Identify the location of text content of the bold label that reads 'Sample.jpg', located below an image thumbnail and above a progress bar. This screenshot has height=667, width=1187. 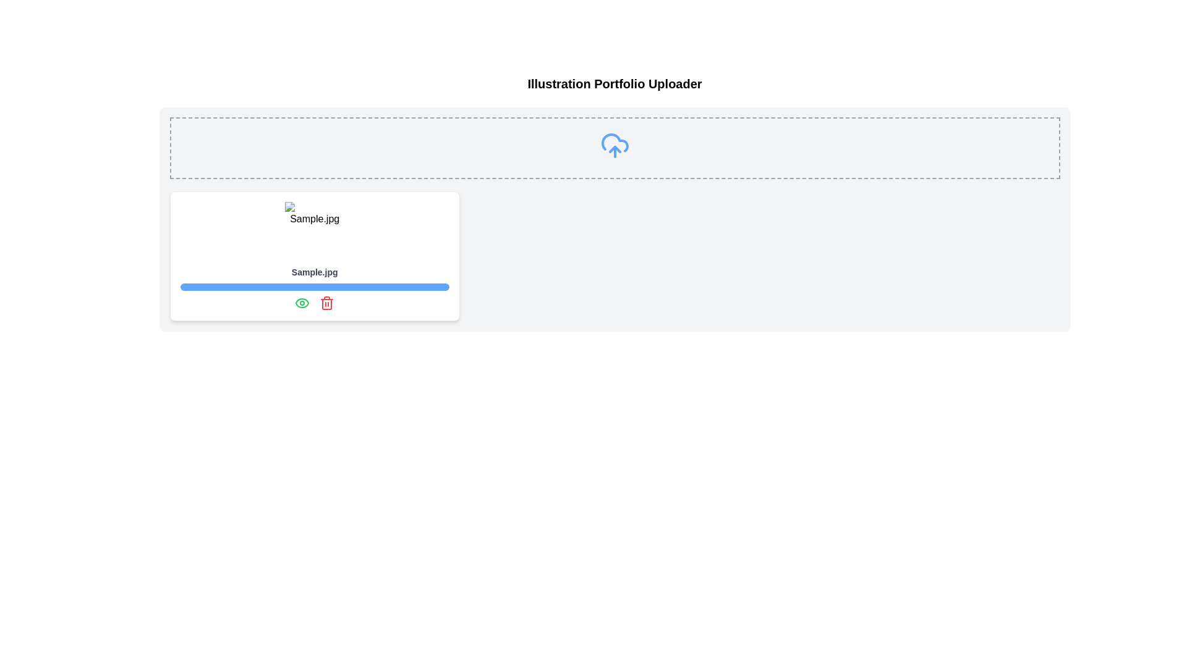
(315, 271).